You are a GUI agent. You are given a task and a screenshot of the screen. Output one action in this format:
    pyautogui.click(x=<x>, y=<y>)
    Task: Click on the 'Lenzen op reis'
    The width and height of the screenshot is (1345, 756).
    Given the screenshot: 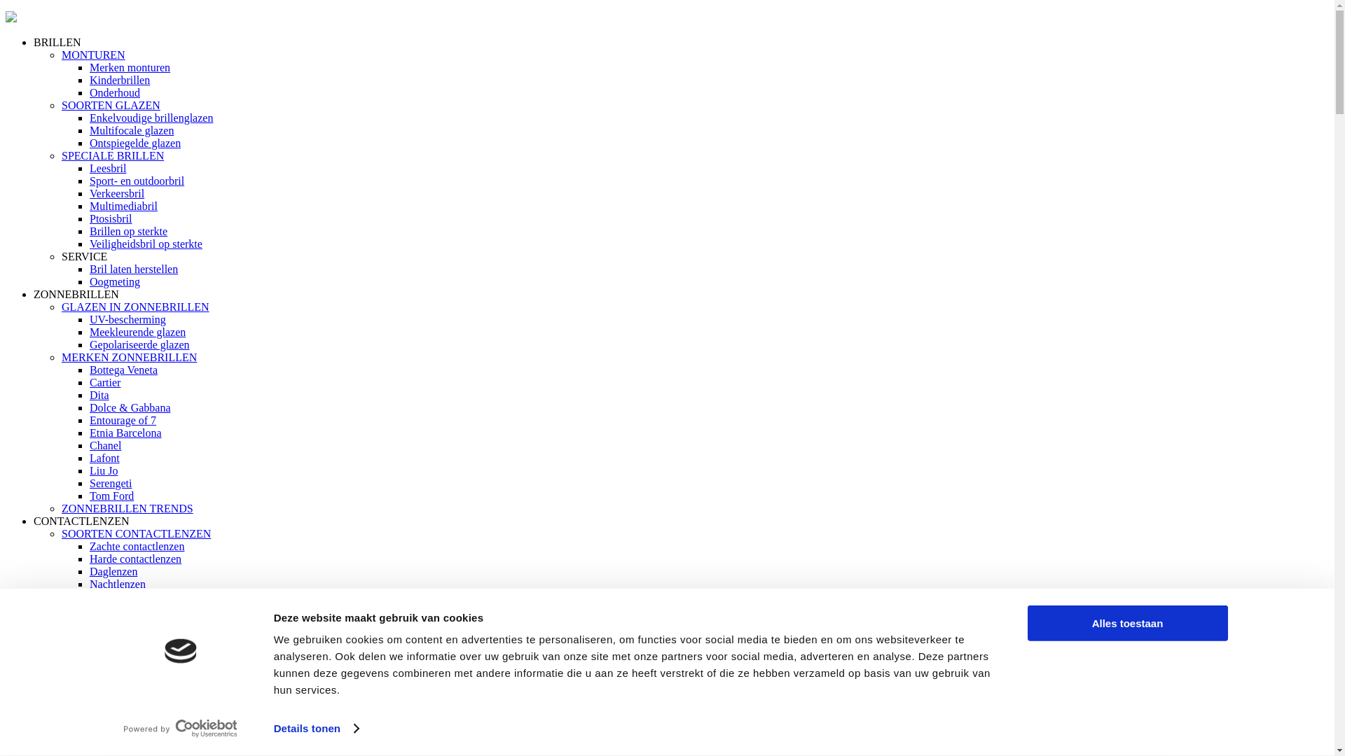 What is the action you would take?
    pyautogui.click(x=122, y=697)
    